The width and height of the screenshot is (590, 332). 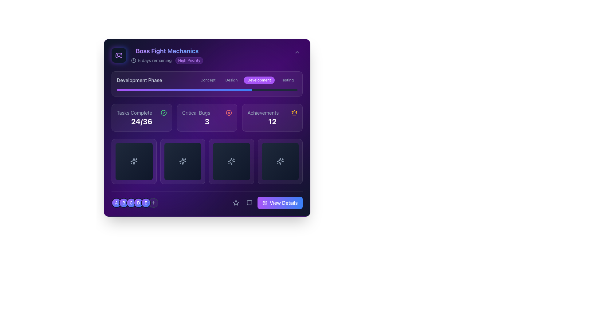 What do you see at coordinates (184, 90) in the screenshot?
I see `the filled portion of the progress bar segment representing the 'Development Phase' progress level, which is styled with a gradient background transitioning from purple to blue` at bounding box center [184, 90].